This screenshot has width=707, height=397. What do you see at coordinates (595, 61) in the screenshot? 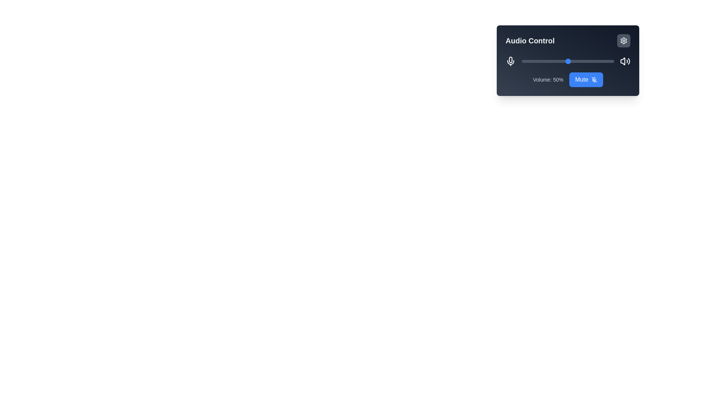
I see `the audio volume` at bounding box center [595, 61].